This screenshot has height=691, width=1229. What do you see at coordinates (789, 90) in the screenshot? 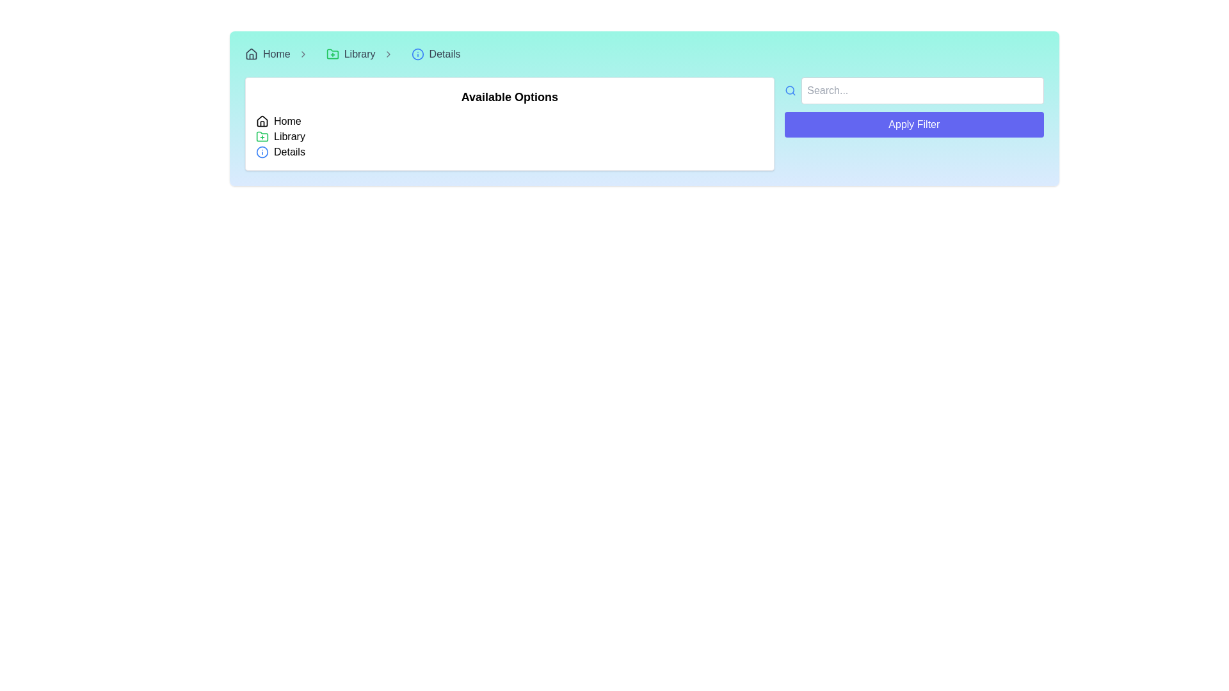
I see `the blue circular decorative element of the magnifying glass icon, which is positioned centrally within the icon` at bounding box center [789, 90].